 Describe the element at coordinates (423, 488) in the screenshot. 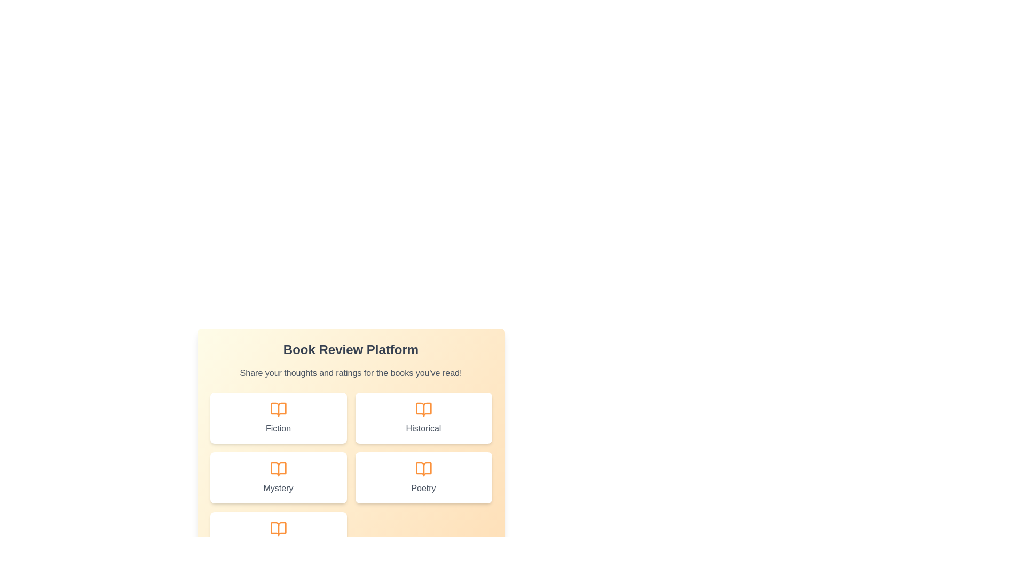

I see `the 'Poetry' text label, which features a gray font on a white card background with rounded corners, located in the bottom-right cell of the grid under the 'Historical' category` at that location.